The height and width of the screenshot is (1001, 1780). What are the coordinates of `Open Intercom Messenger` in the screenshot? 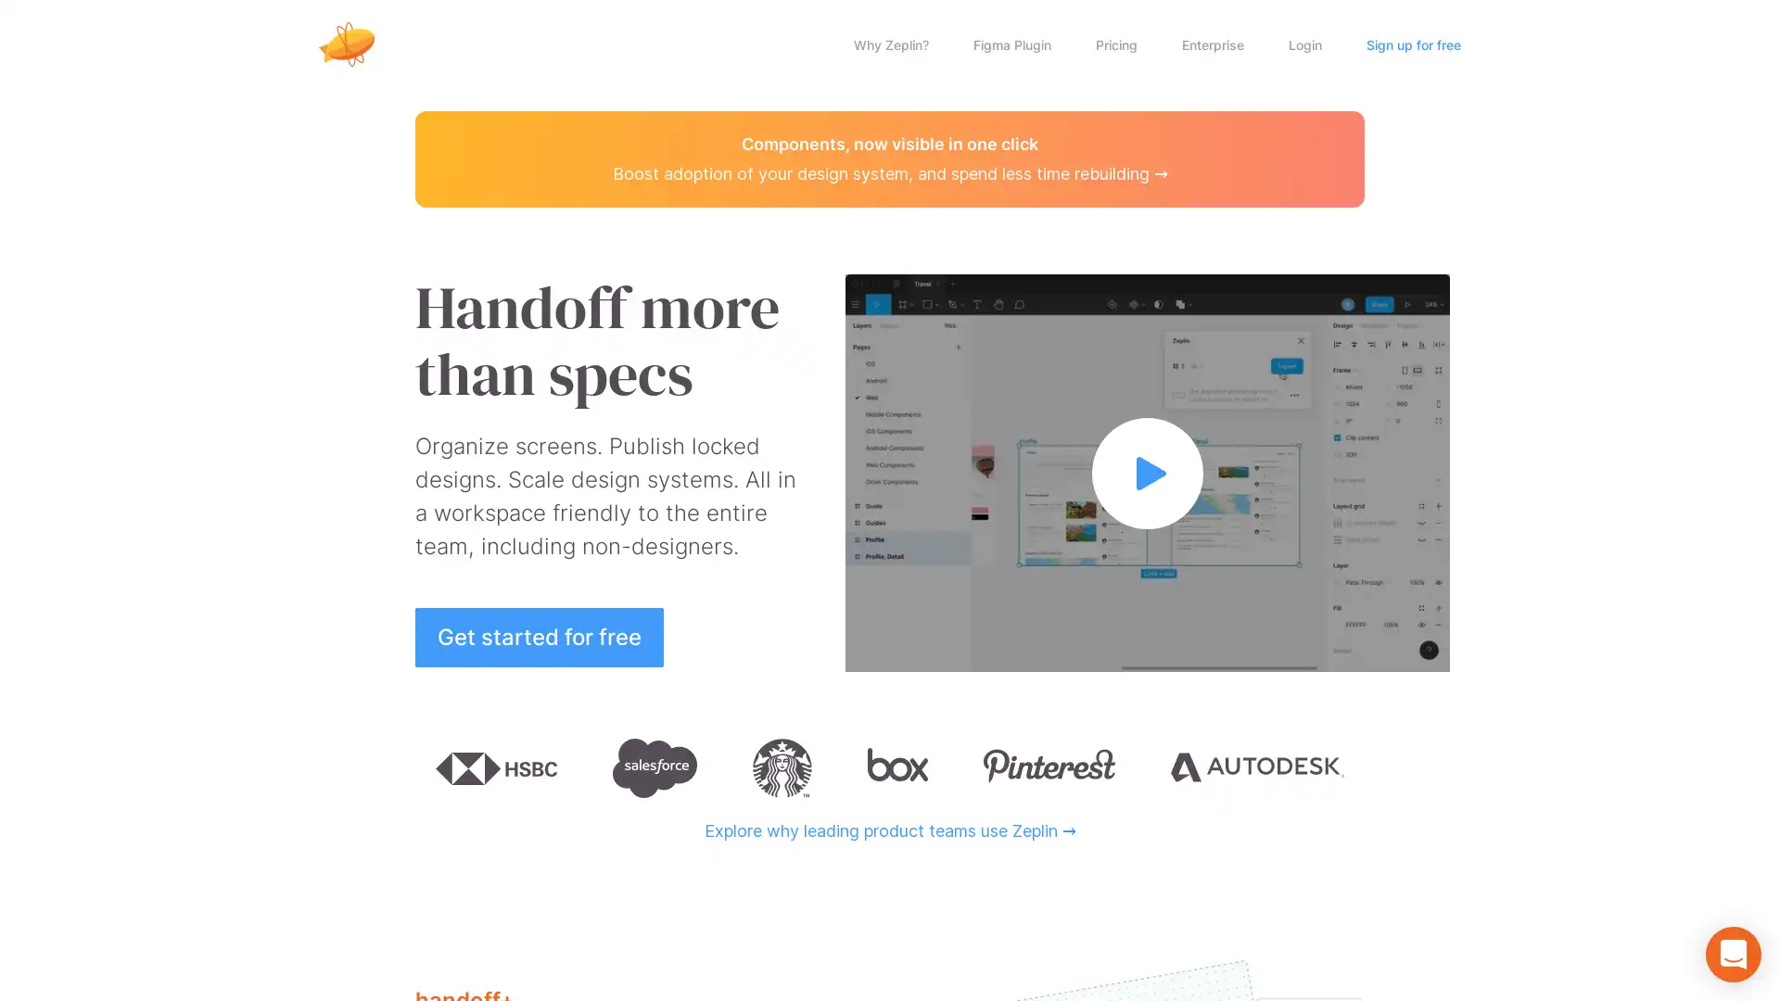 It's located at (1733, 954).